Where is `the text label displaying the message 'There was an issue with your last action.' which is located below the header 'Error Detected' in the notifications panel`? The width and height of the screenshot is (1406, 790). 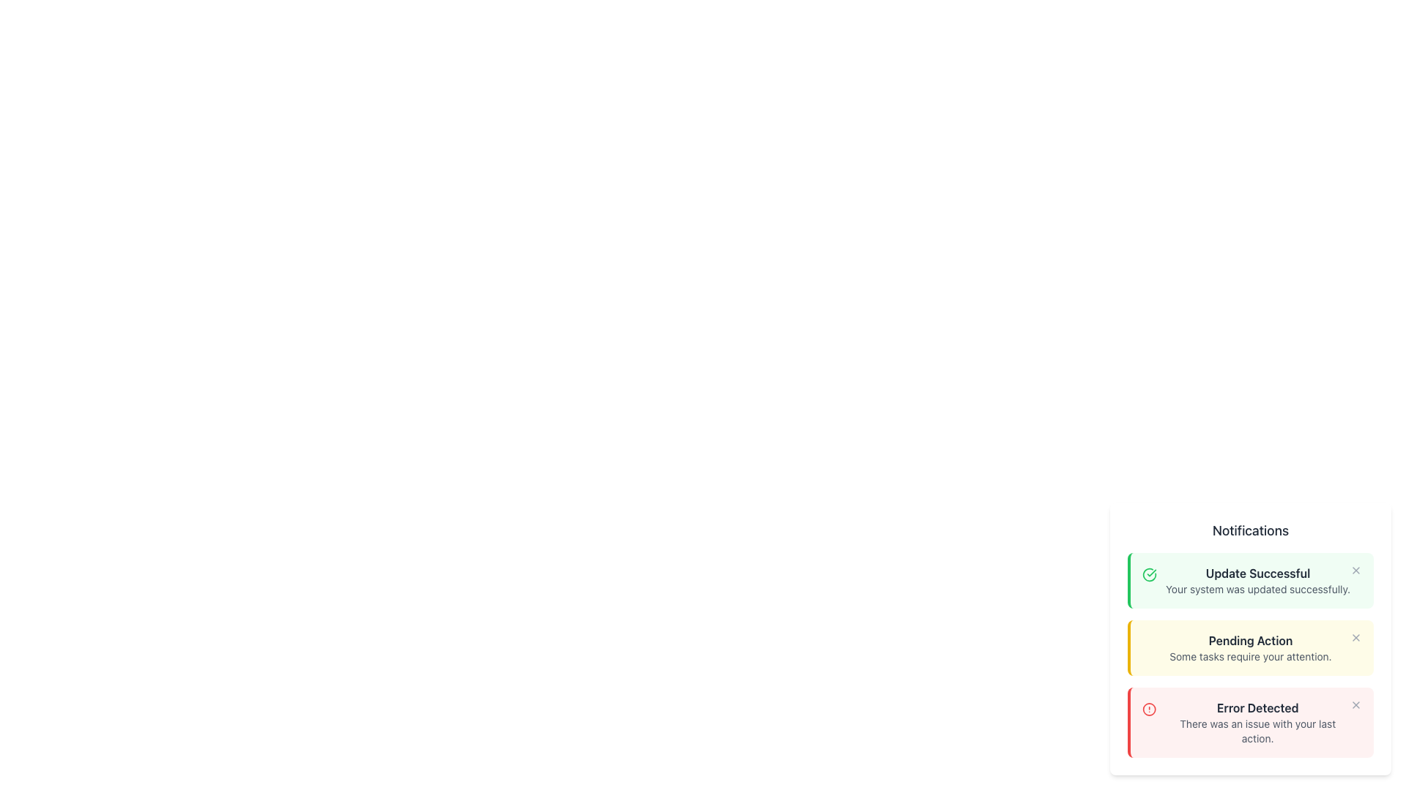 the text label displaying the message 'There was an issue with your last action.' which is located below the header 'Error Detected' in the notifications panel is located at coordinates (1257, 731).